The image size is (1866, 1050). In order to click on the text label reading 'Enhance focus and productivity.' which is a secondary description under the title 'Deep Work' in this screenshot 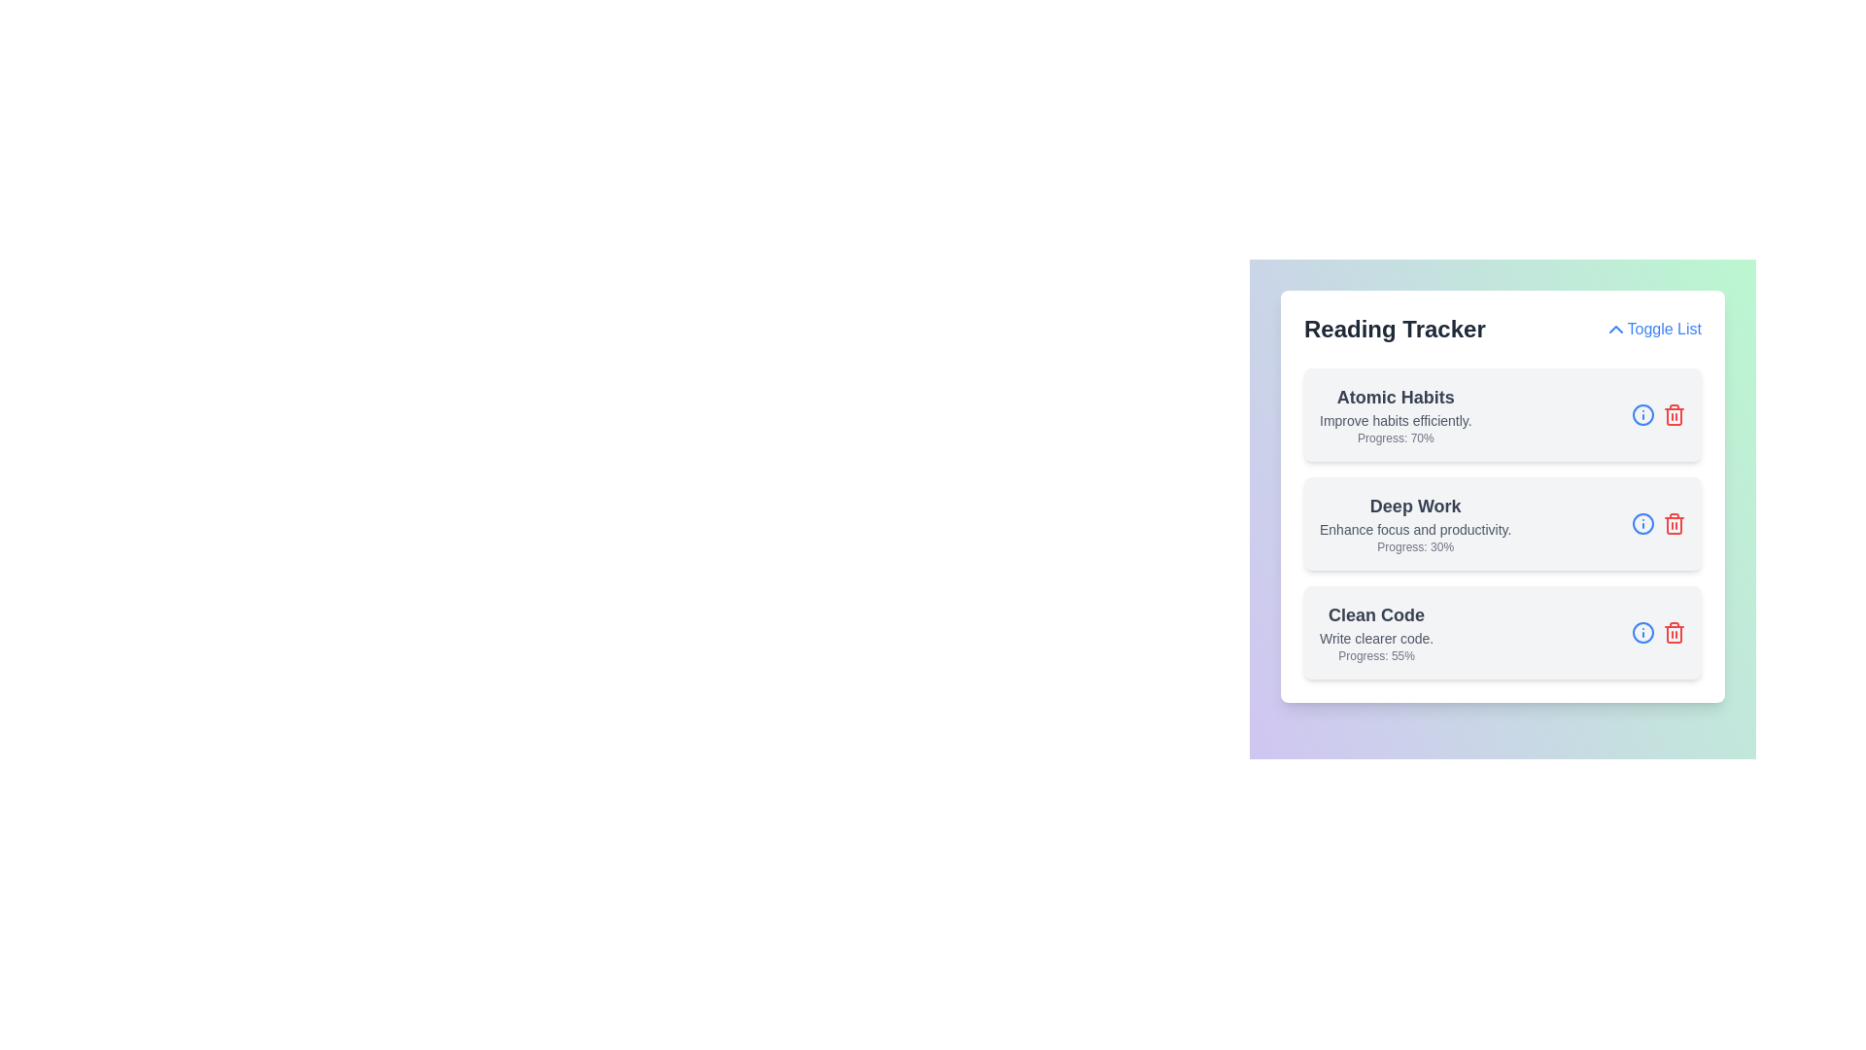, I will do `click(1415, 529)`.